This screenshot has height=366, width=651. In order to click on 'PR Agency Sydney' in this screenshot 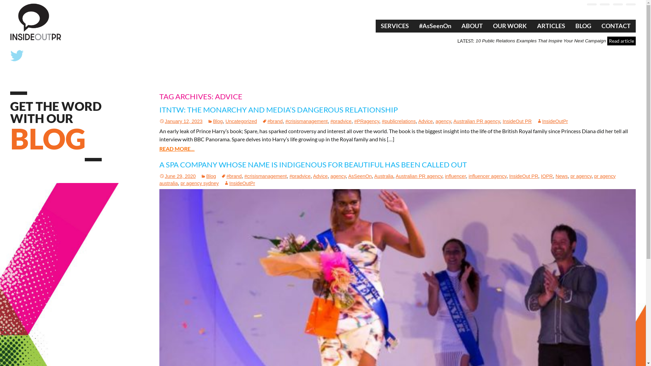, I will do `click(10, 21)`.